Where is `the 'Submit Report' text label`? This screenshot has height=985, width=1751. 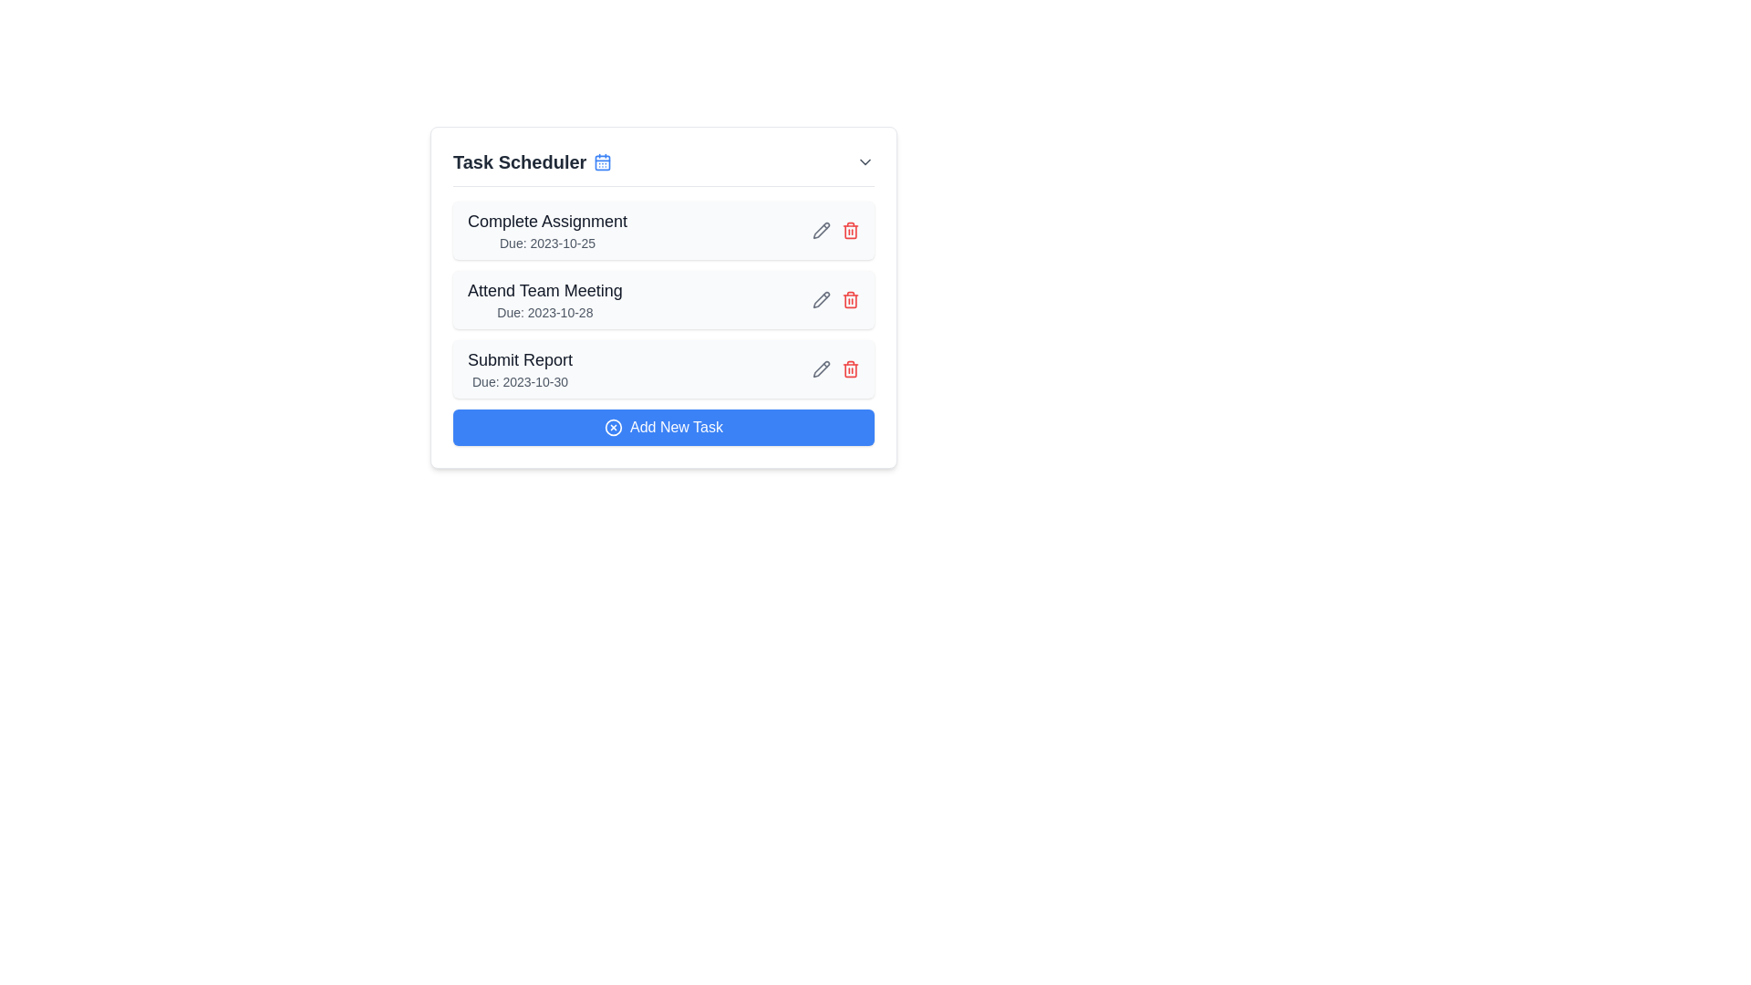 the 'Submit Report' text label is located at coordinates (519, 359).